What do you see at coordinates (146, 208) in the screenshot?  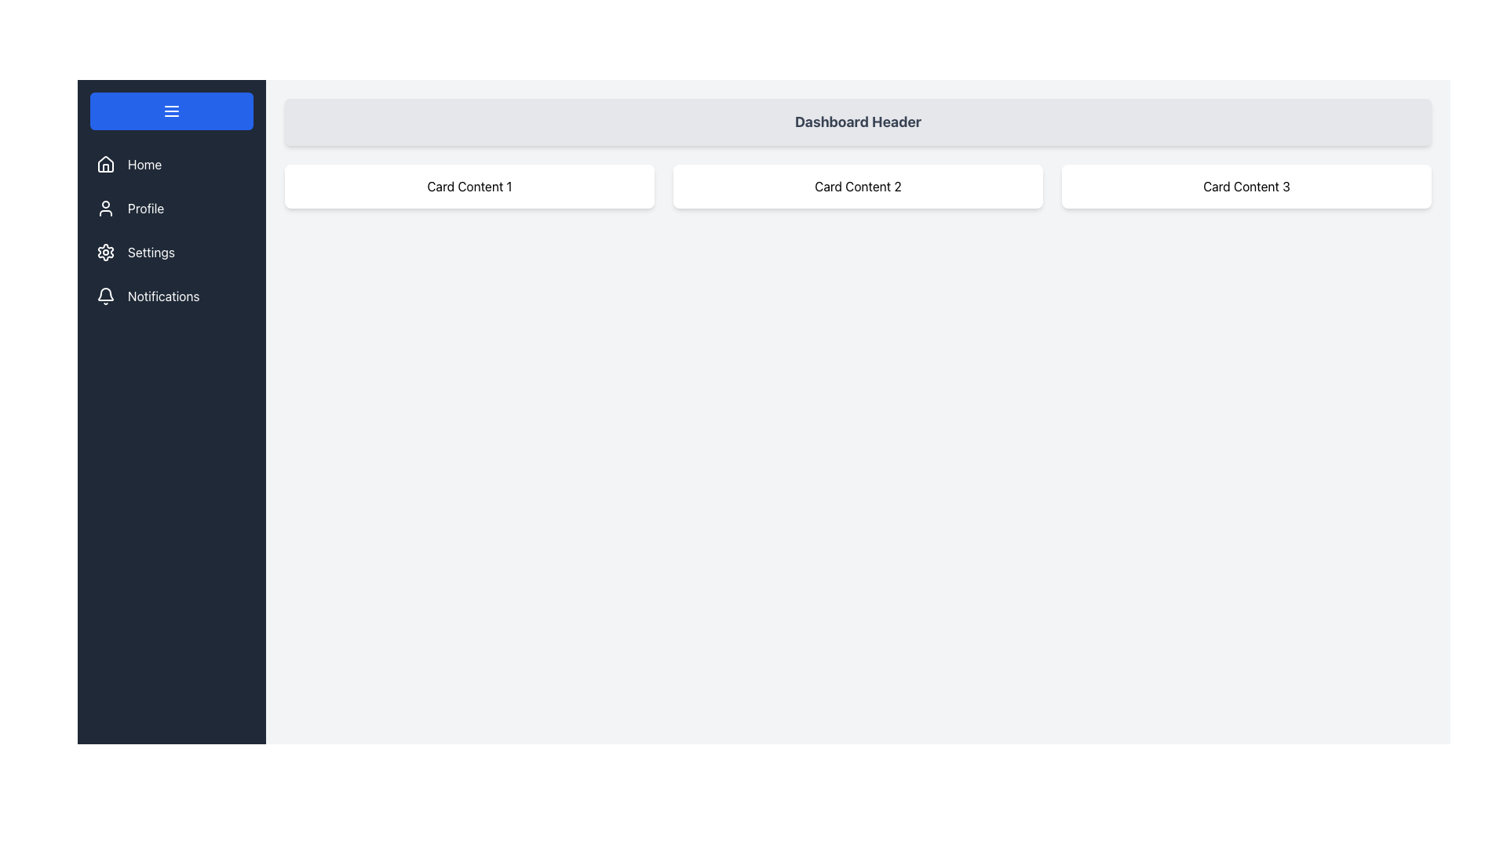 I see `the 'Profile' text label located in the dark blue vertical sidebar on the left side of the interface` at bounding box center [146, 208].